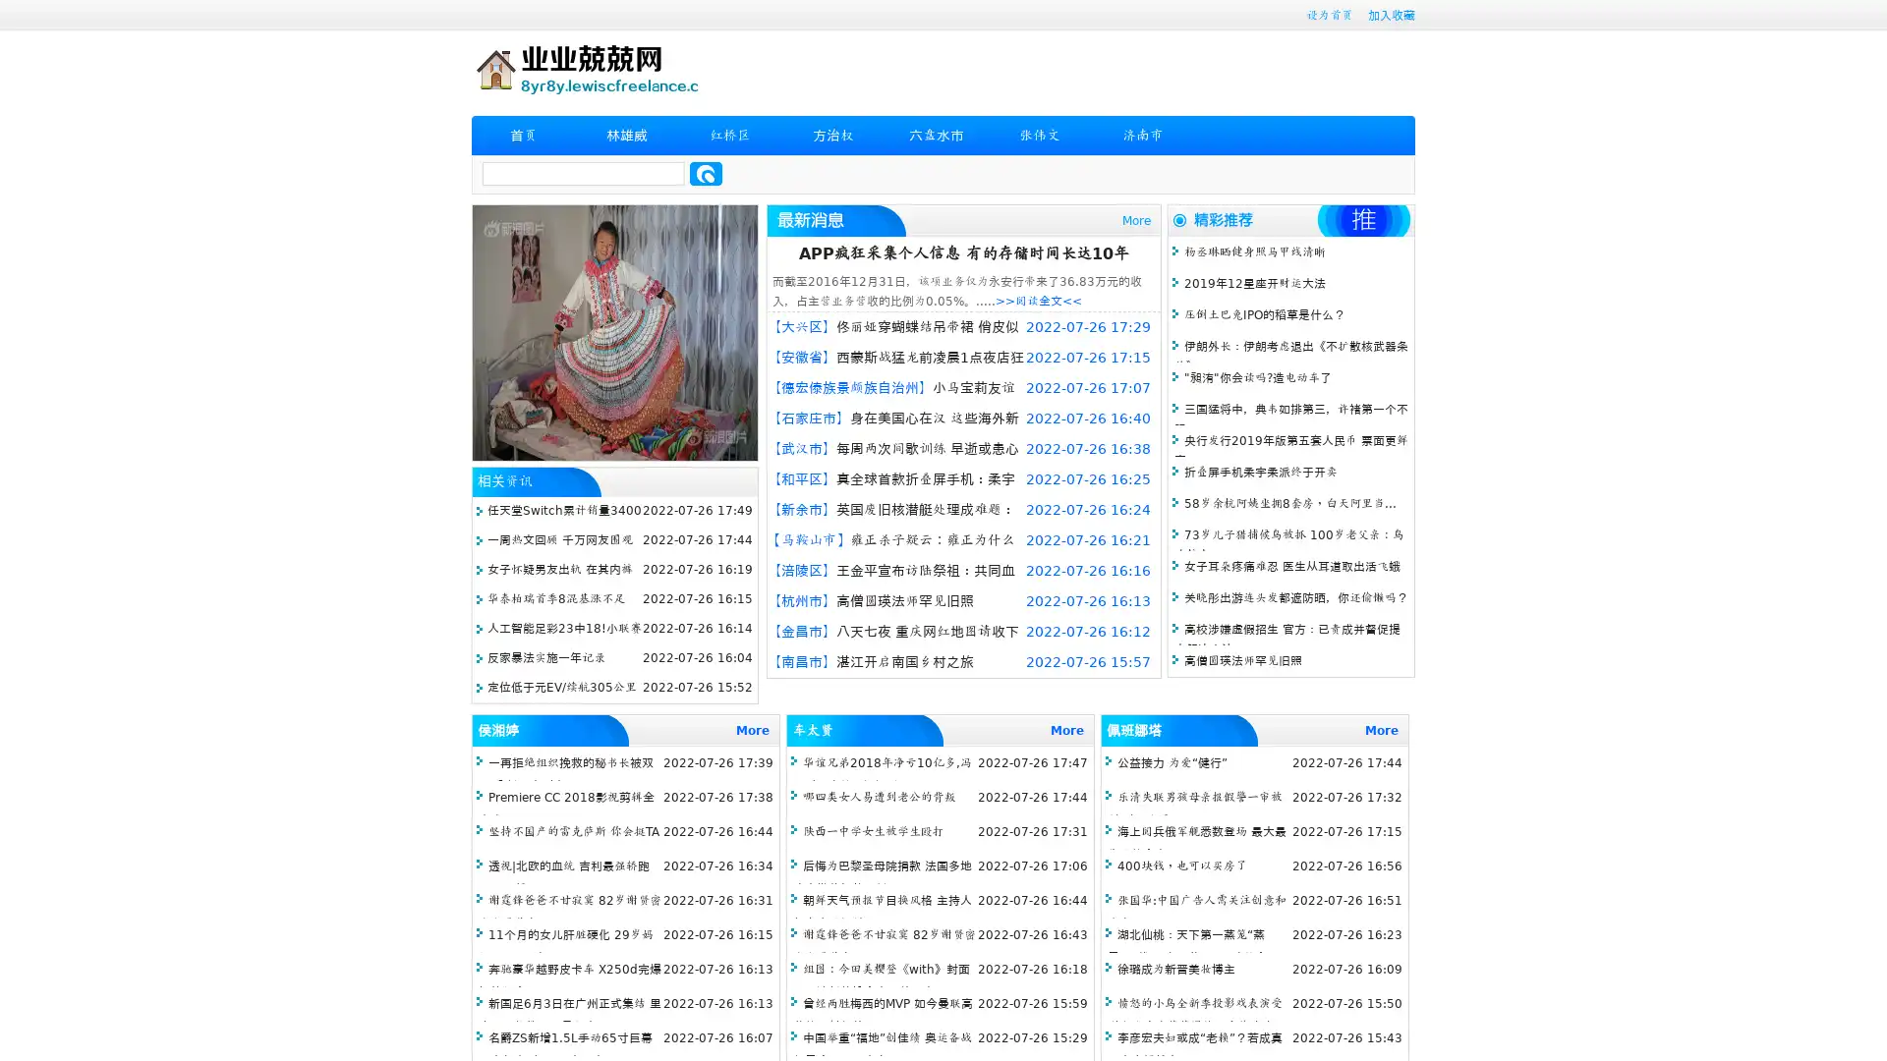 The width and height of the screenshot is (1887, 1061). I want to click on Search, so click(706, 173).